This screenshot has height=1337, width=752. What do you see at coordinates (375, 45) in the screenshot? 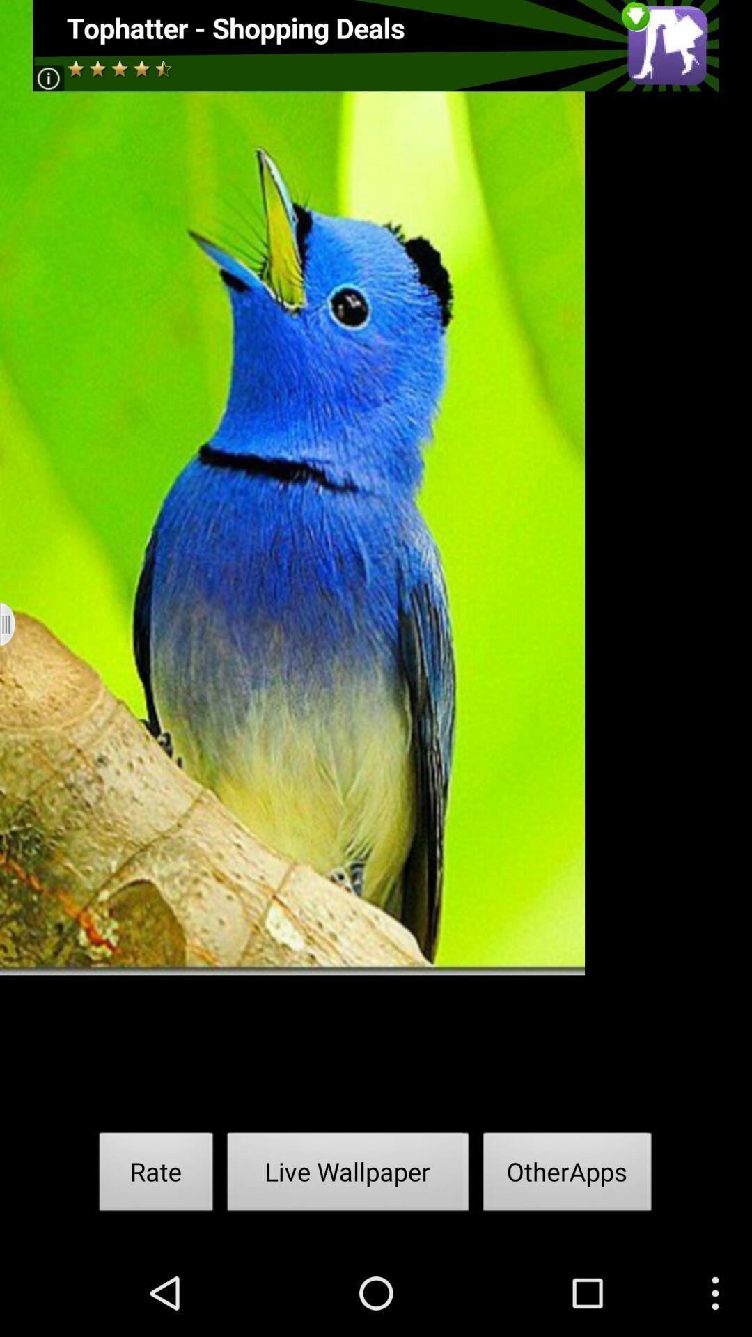
I see `advertisement` at bounding box center [375, 45].